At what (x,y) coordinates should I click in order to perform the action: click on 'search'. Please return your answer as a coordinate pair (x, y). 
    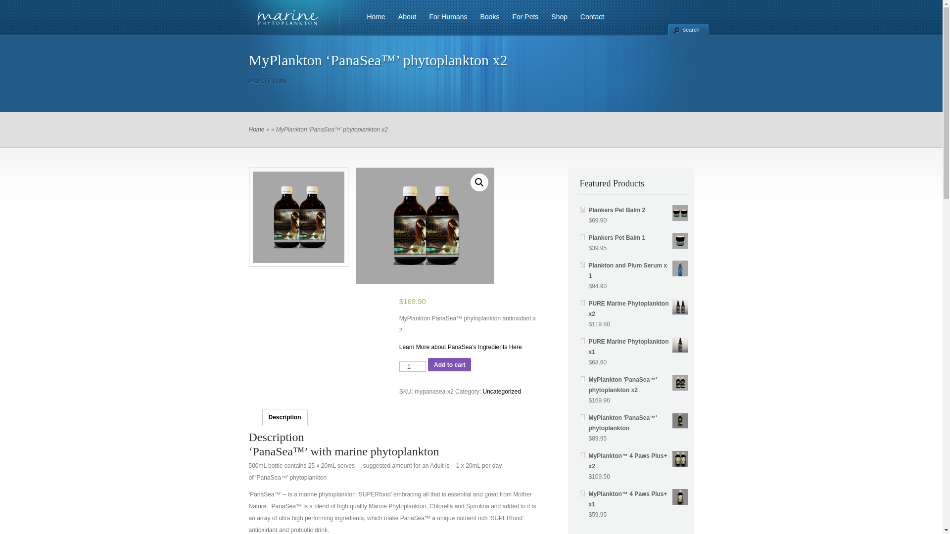
    Looking at the image, I should click on (688, 29).